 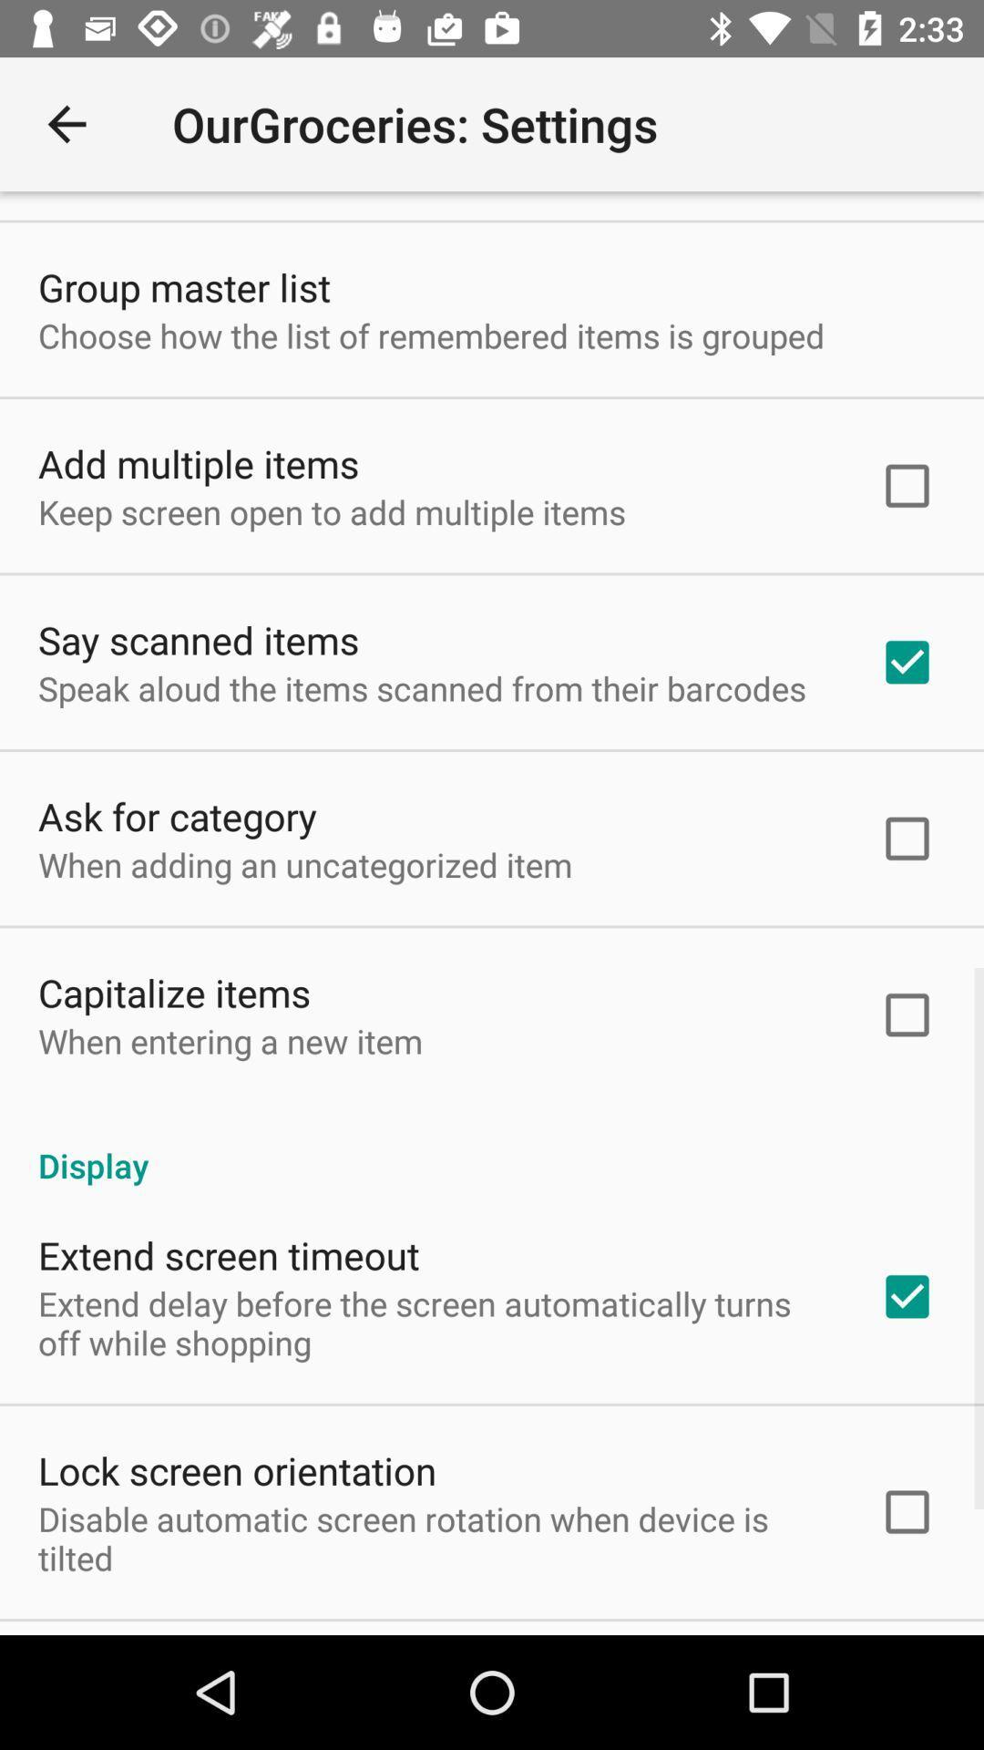 What do you see at coordinates (230, 1041) in the screenshot?
I see `item above the display item` at bounding box center [230, 1041].